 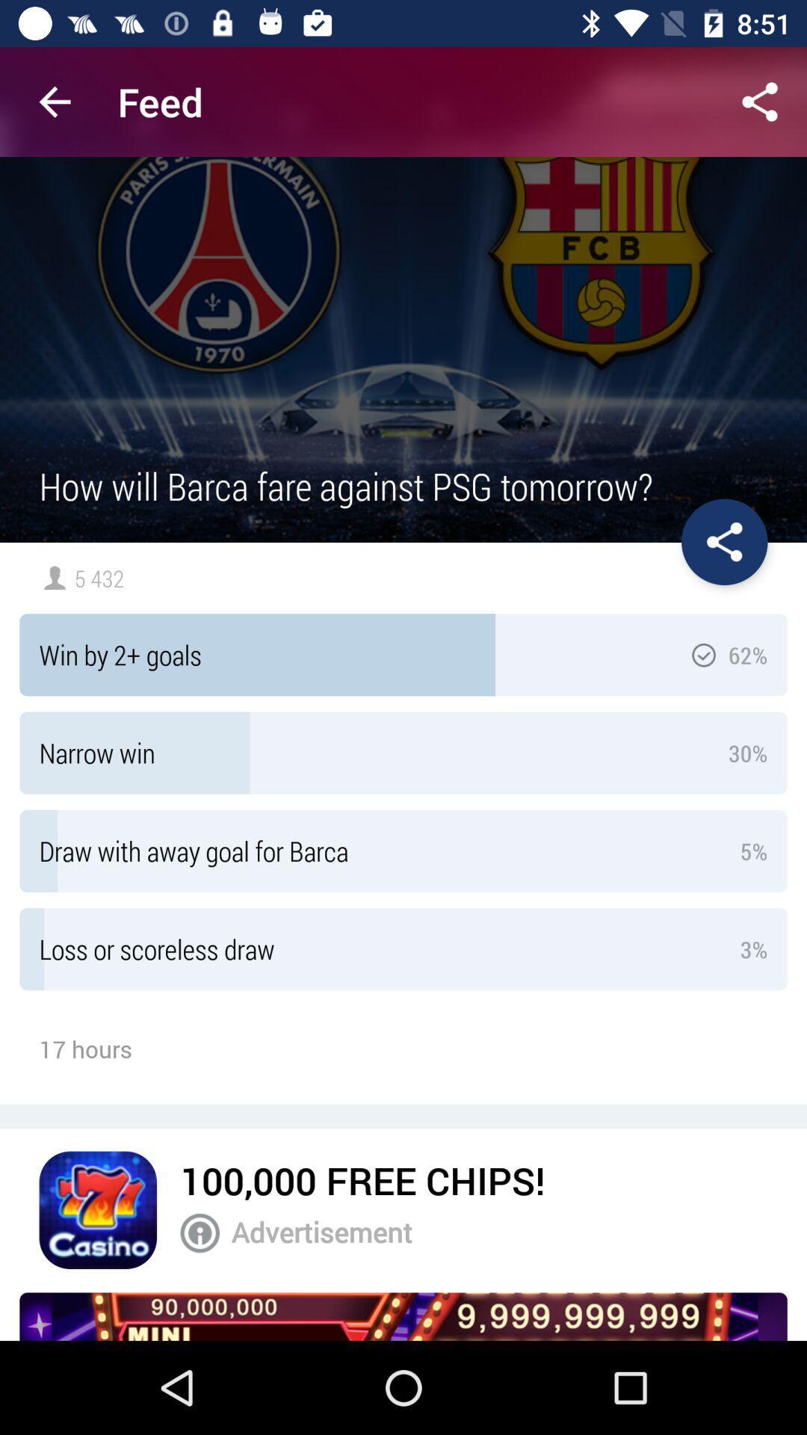 I want to click on share the poll, so click(x=723, y=541).